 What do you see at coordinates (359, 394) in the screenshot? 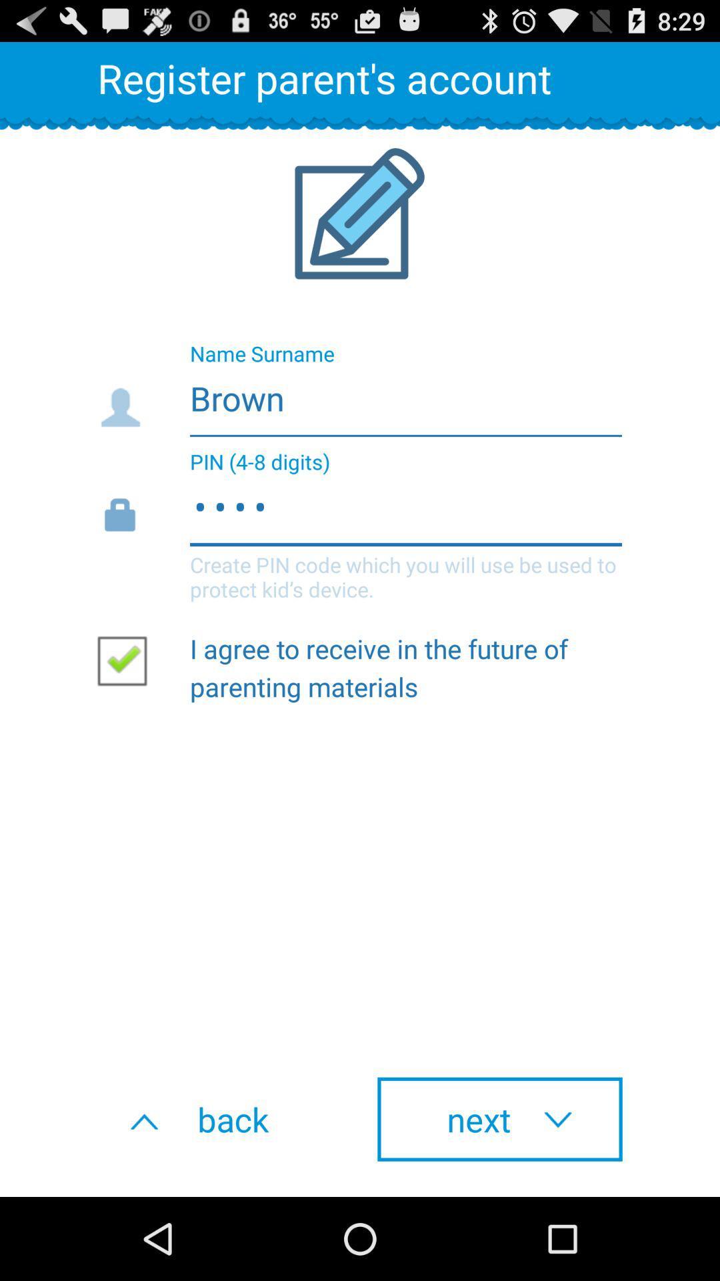
I see `the brown icon` at bounding box center [359, 394].